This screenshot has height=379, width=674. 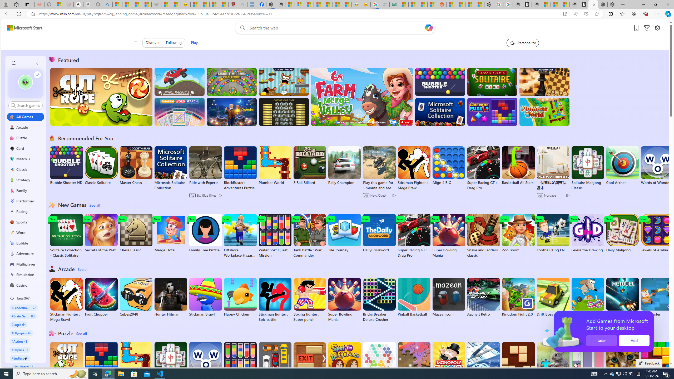 What do you see at coordinates (19, 350) in the screenshot?
I see `'#Physics 37'` at bounding box center [19, 350].